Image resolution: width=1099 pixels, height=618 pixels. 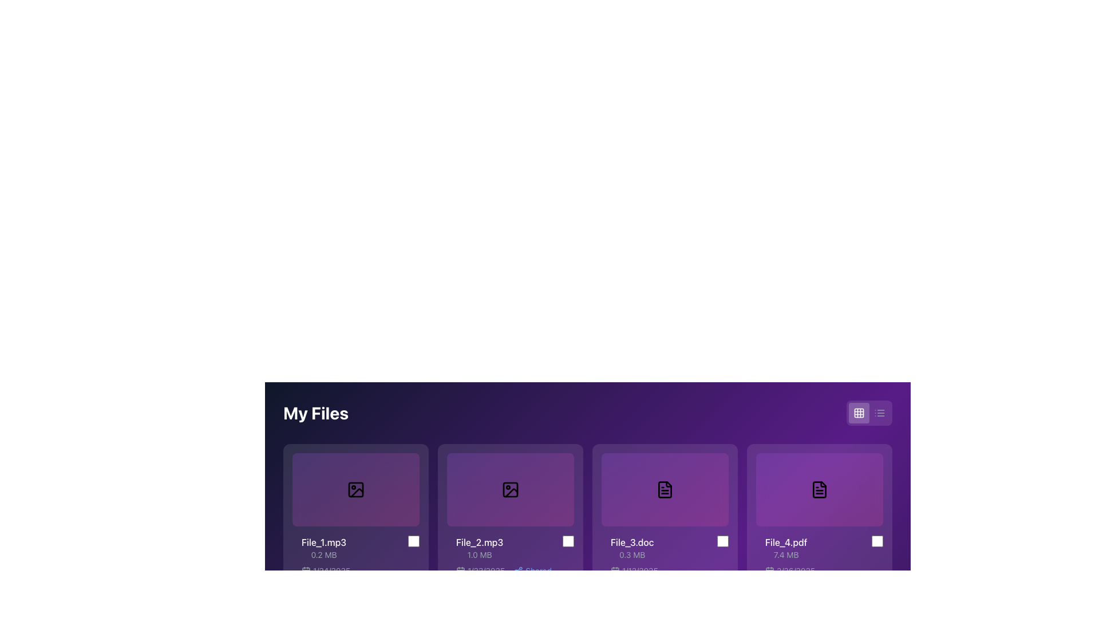 What do you see at coordinates (631, 542) in the screenshot?
I see `the text label displaying 'File_3.doc' in bold white font` at bounding box center [631, 542].